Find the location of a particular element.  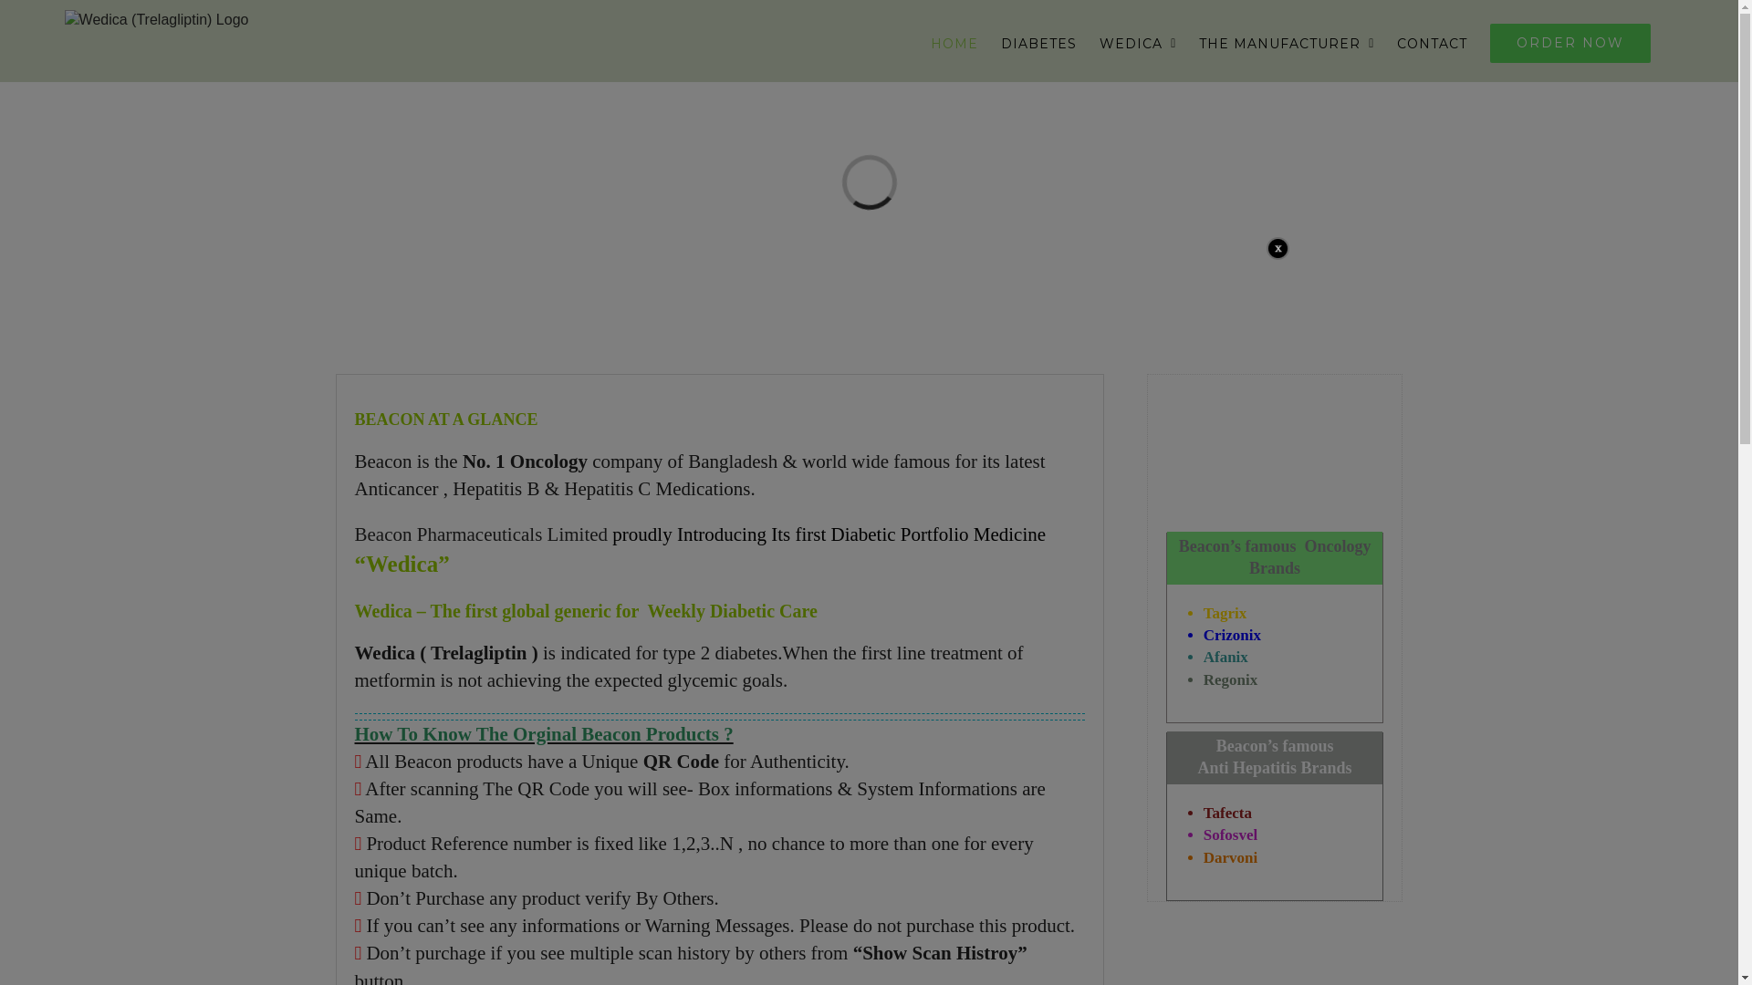

'Darvoni' is located at coordinates (1204, 857).